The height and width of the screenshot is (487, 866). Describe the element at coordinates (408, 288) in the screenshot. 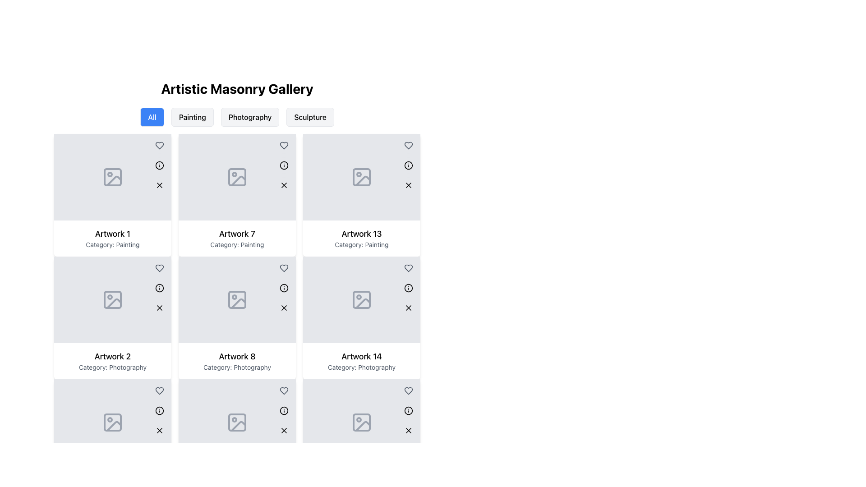

I see `the informational icon button located in the top-right corner of the 'Artwork 13' box` at that location.